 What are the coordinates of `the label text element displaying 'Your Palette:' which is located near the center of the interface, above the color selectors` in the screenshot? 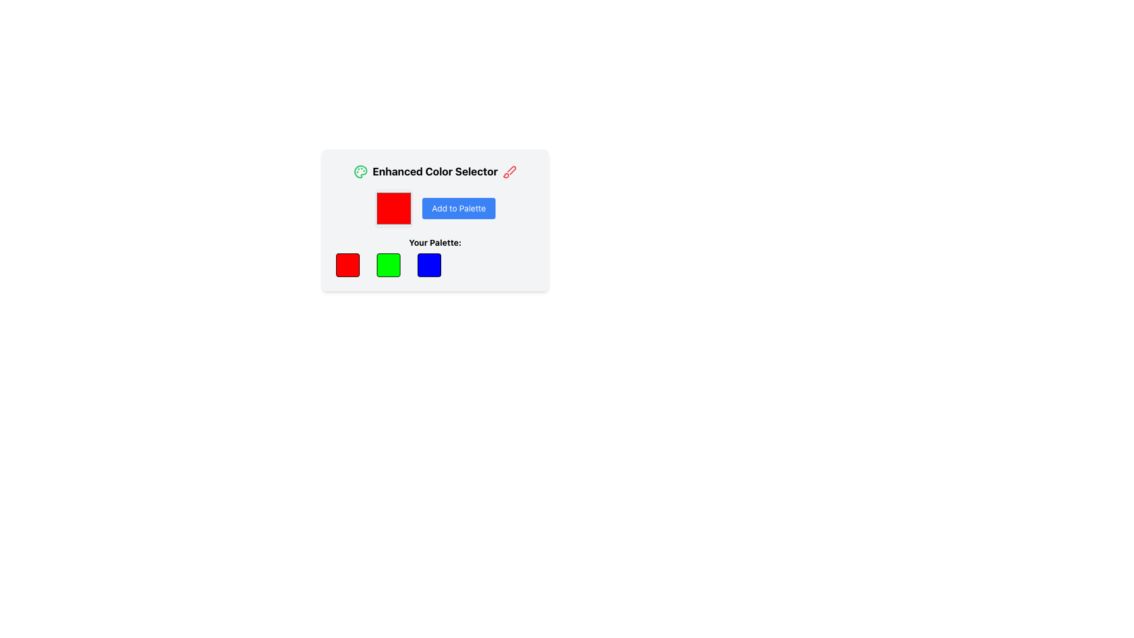 It's located at (435, 242).